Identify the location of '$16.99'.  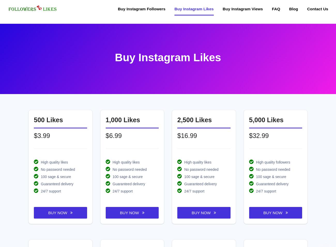
(187, 135).